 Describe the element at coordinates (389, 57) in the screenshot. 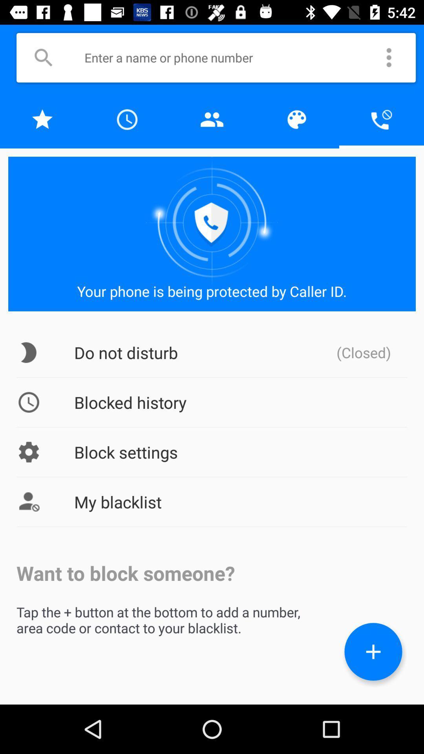

I see `menu button` at that location.